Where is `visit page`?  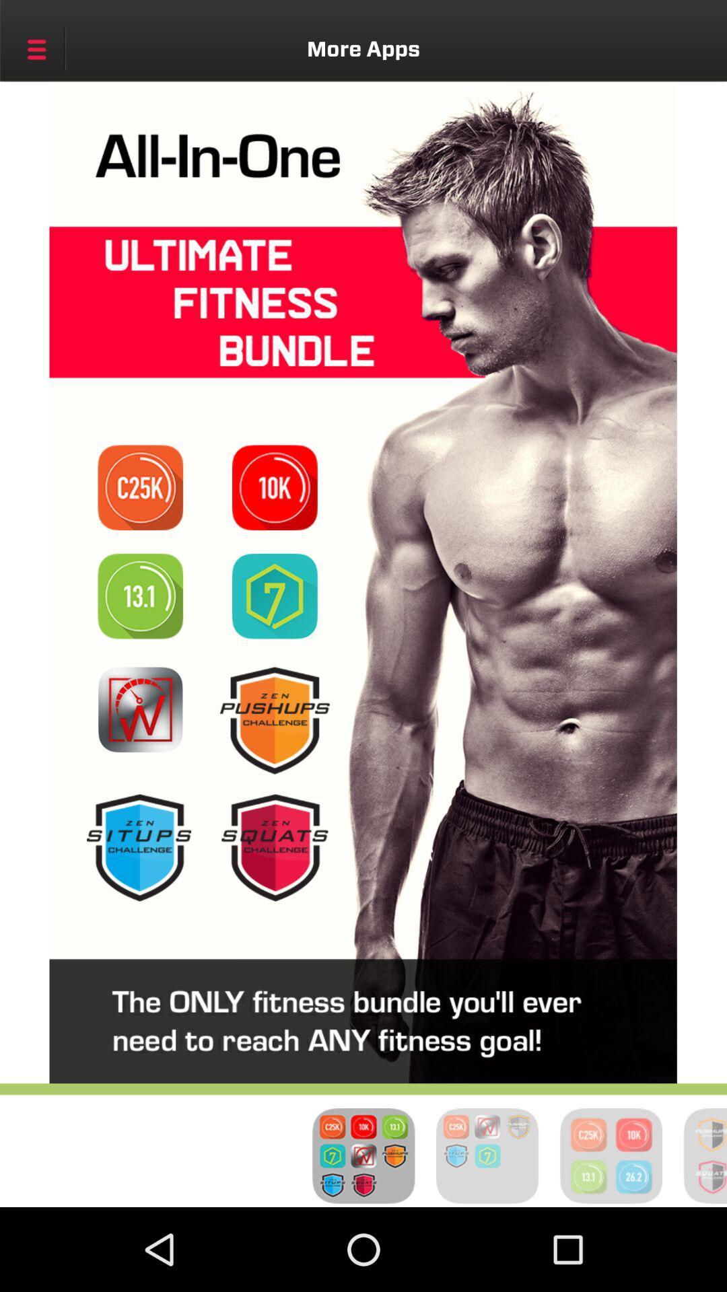 visit page is located at coordinates (274, 487).